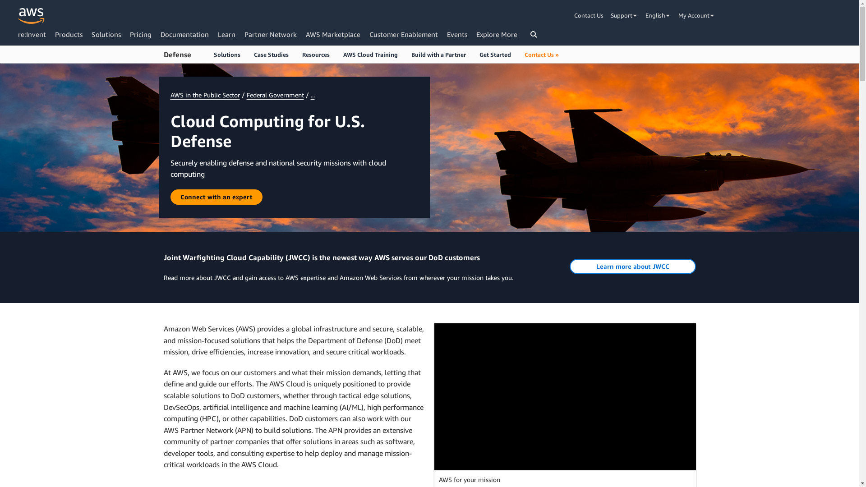 The height and width of the screenshot is (487, 866). I want to click on 'Case Studies', so click(271, 54).